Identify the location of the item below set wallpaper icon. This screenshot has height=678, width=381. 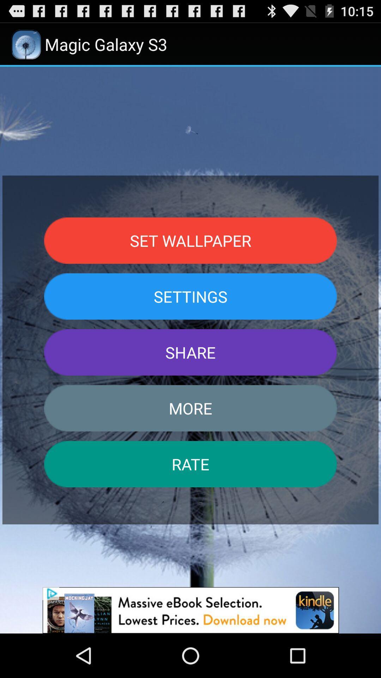
(190, 296).